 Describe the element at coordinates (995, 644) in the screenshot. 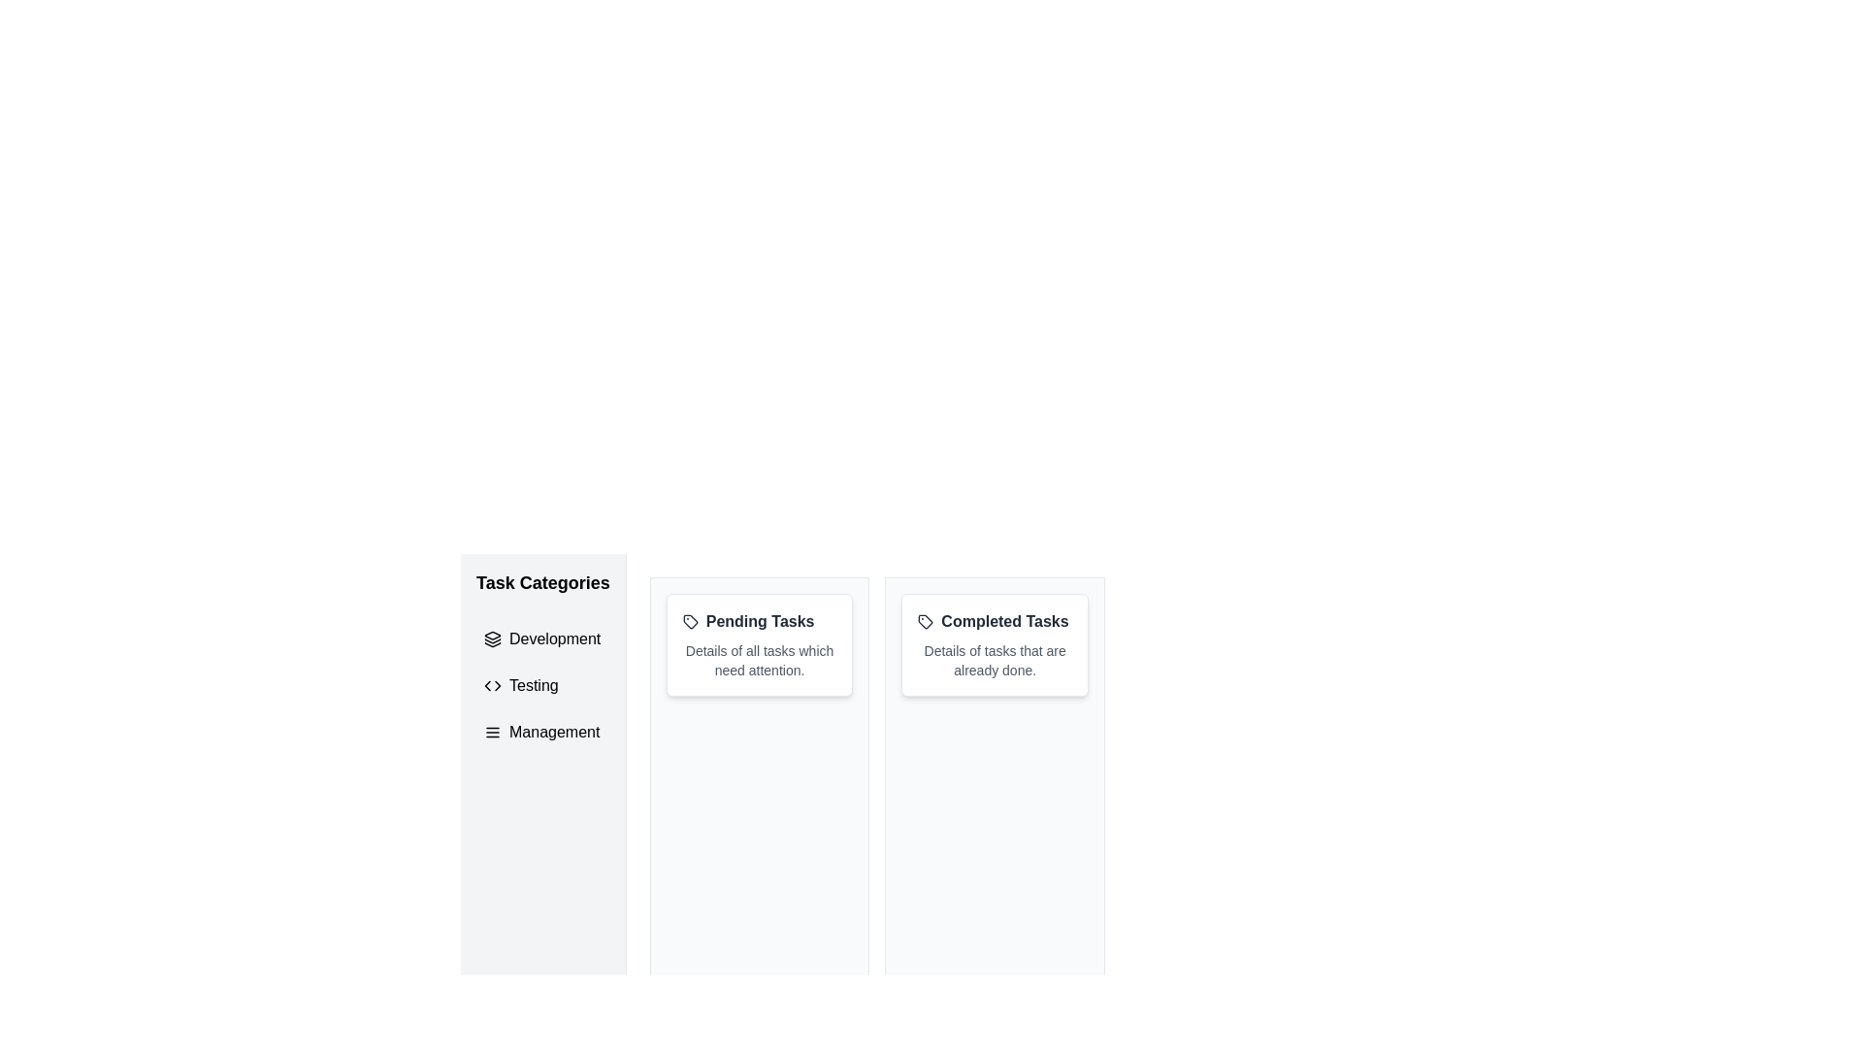

I see `the 'Completed Tasks' informational card, which features a white background, rounded corners, and a title in bold dark text with a tag icon` at that location.